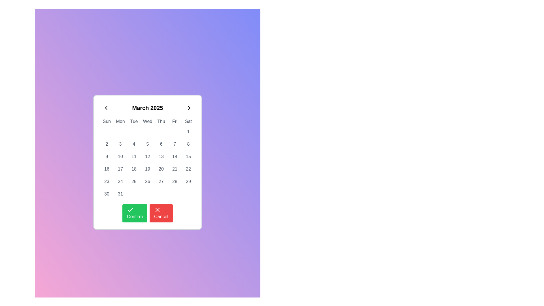  I want to click on the square button displaying the number '21' in bold font, located in the sixth row and sixth column of the calendar grid under the Friday column, so click(175, 169).